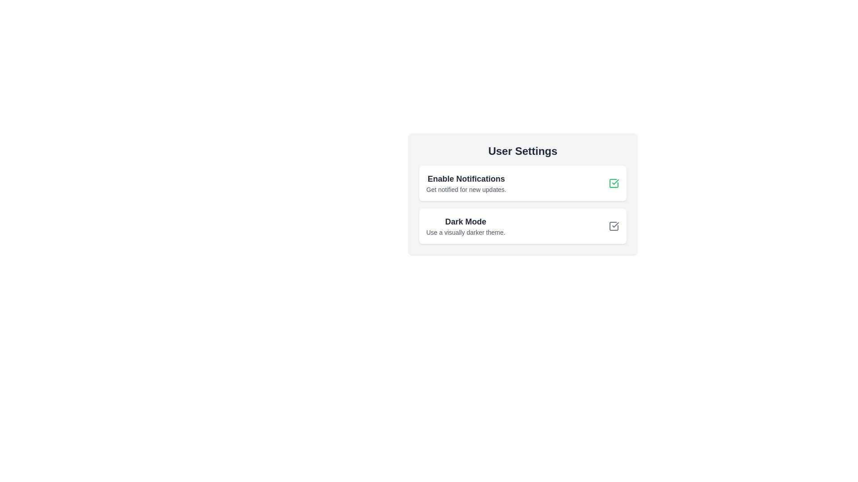  What do you see at coordinates (613, 225) in the screenshot?
I see `the checkbox corresponding to 'Dark Mode' to toggle its state` at bounding box center [613, 225].